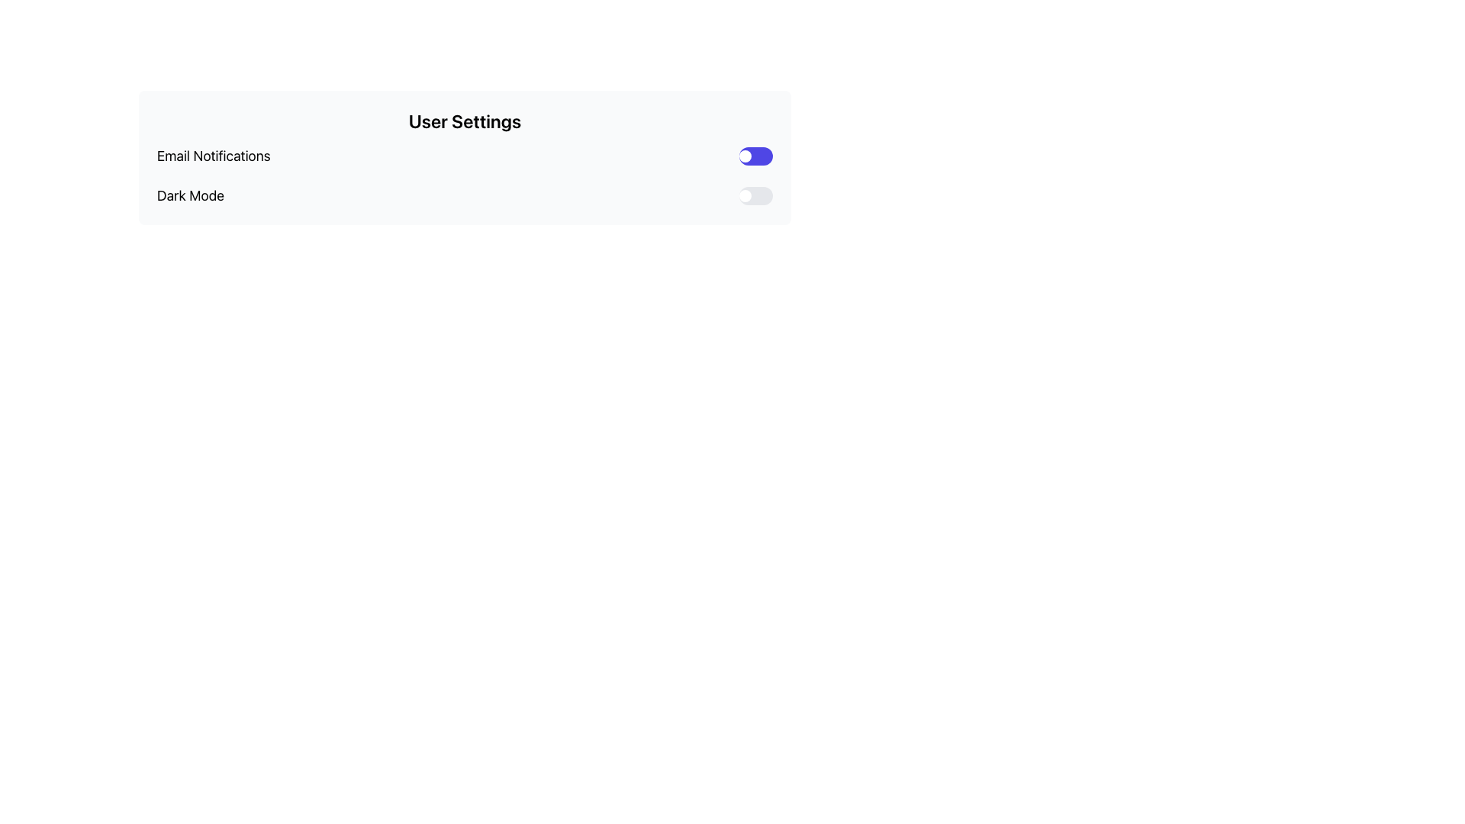  What do you see at coordinates (755, 195) in the screenshot?
I see `the toggle switch for 'Enable Dark Mode'` at bounding box center [755, 195].